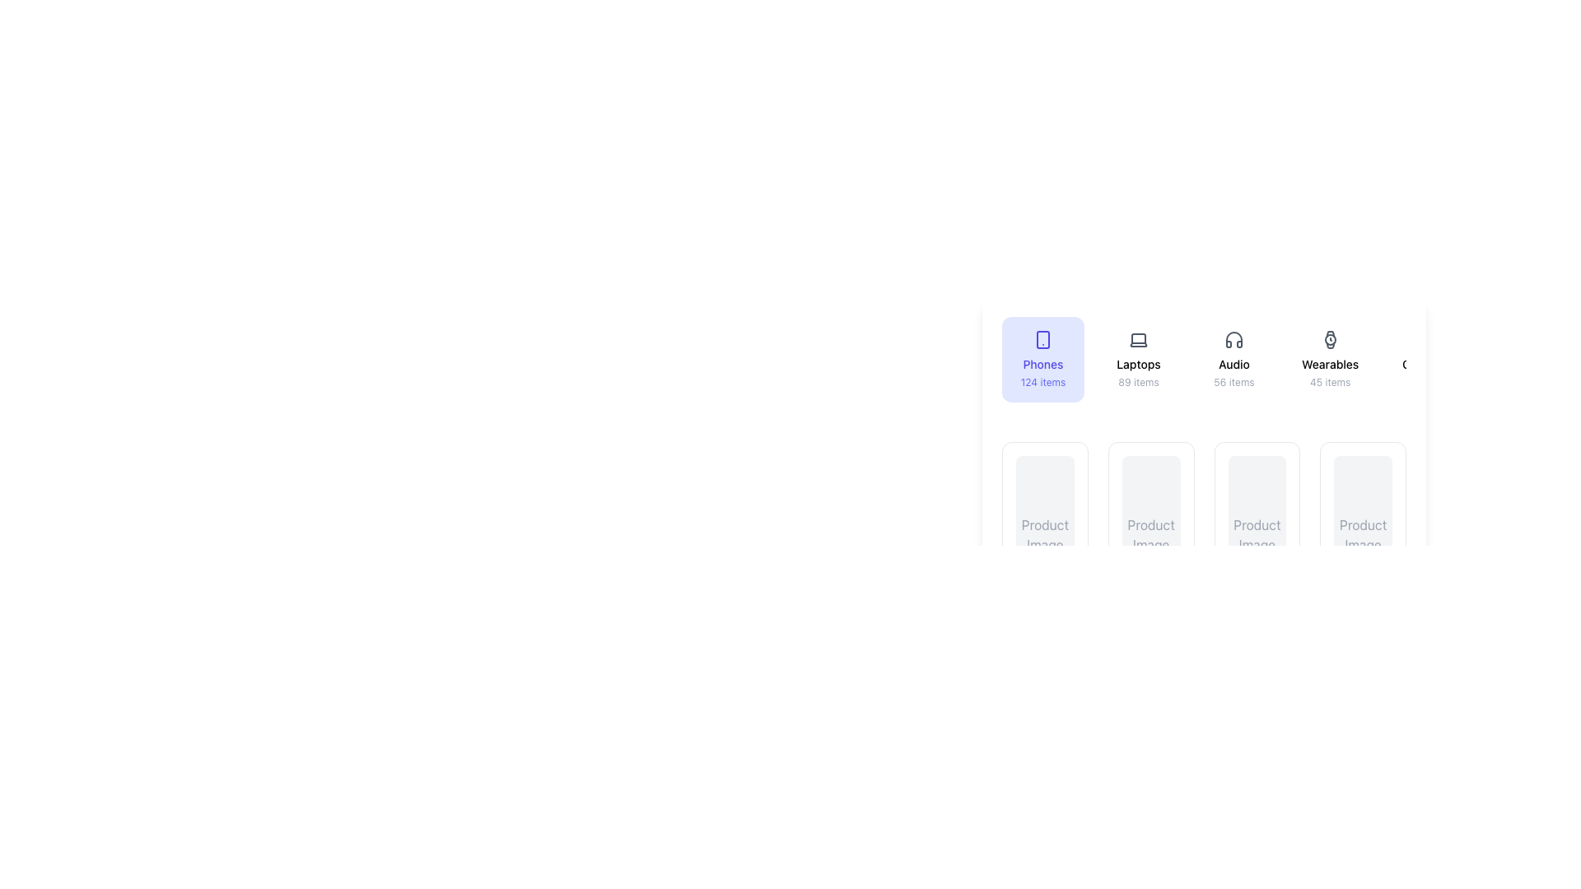 This screenshot has height=889, width=1581. I want to click on the static text label displaying '56 items' located below the title 'Audio' in the header navigation row, so click(1234, 383).